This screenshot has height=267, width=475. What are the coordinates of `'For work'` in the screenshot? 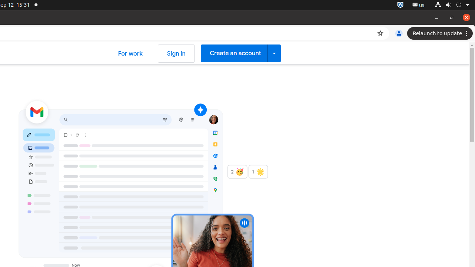 It's located at (130, 53).